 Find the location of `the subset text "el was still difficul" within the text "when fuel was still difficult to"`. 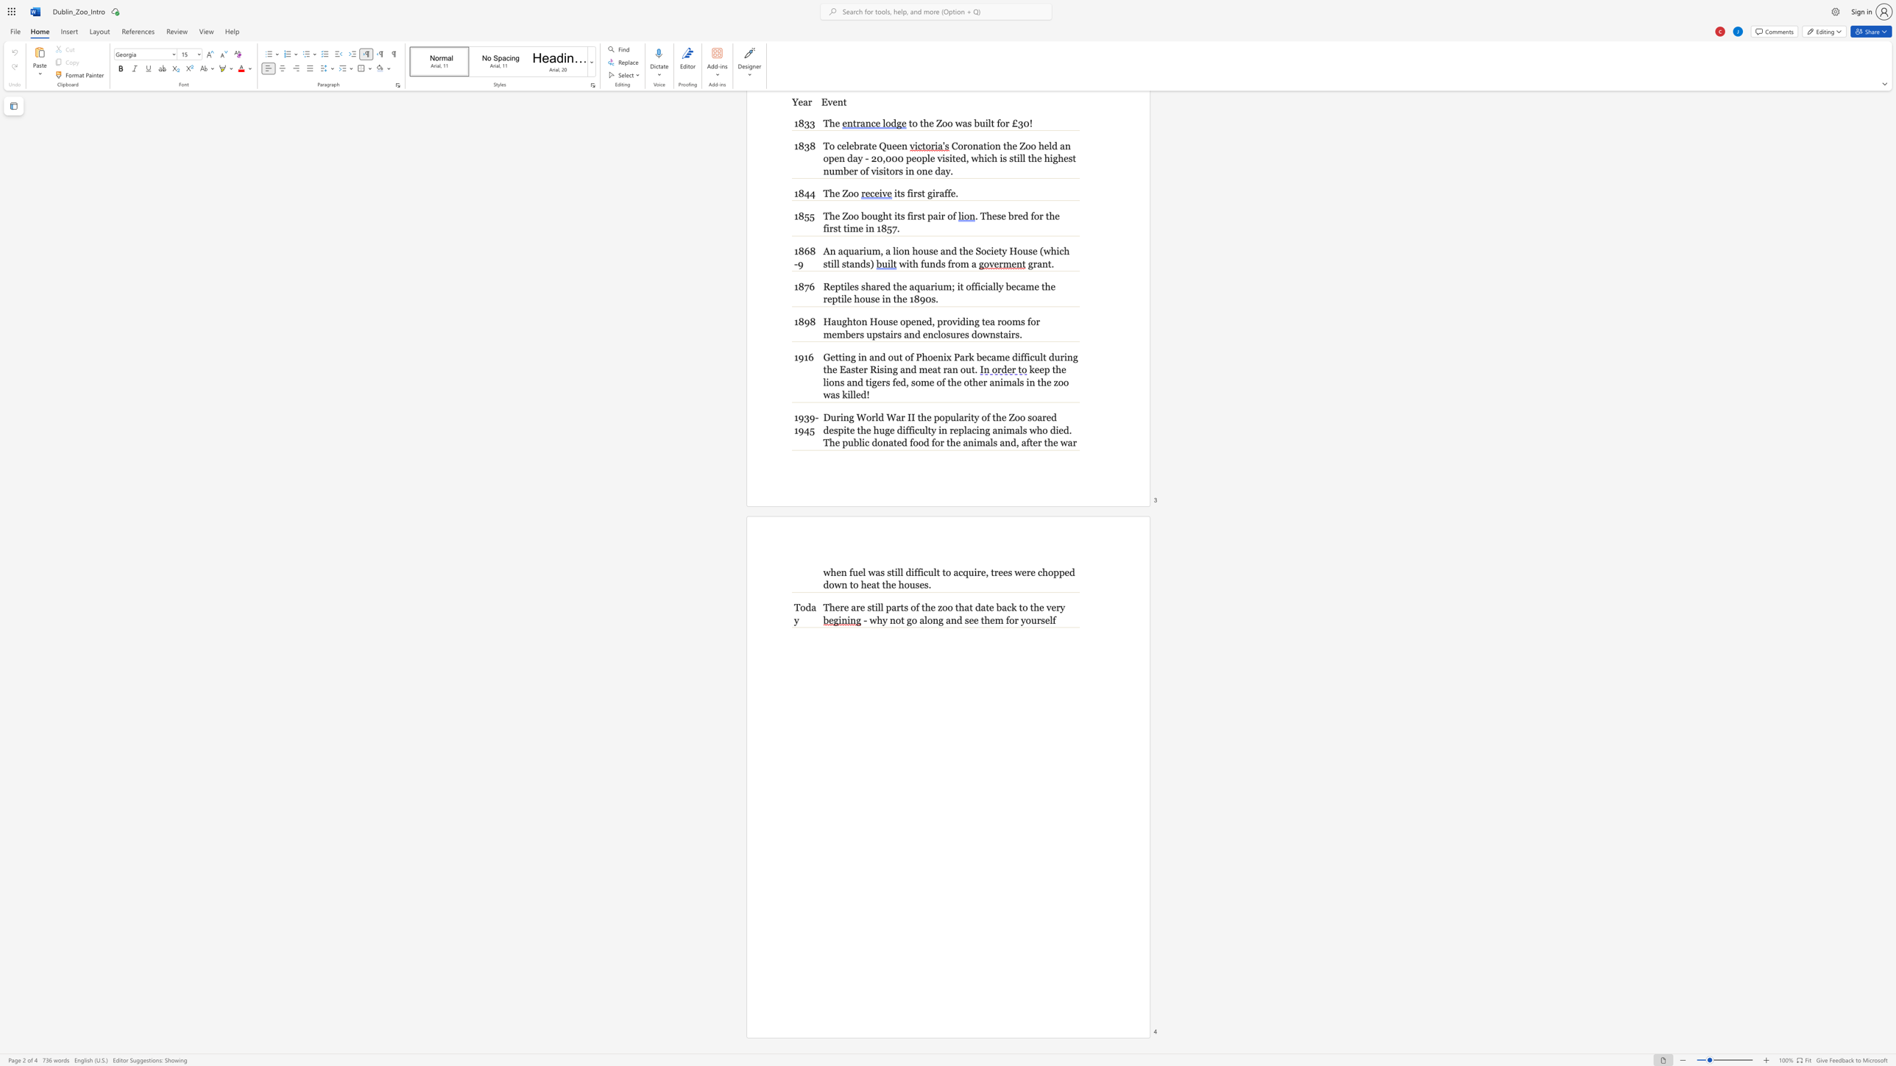

the subset text "el was still difficul" within the text "when fuel was still difficult to" is located at coordinates (857, 571).